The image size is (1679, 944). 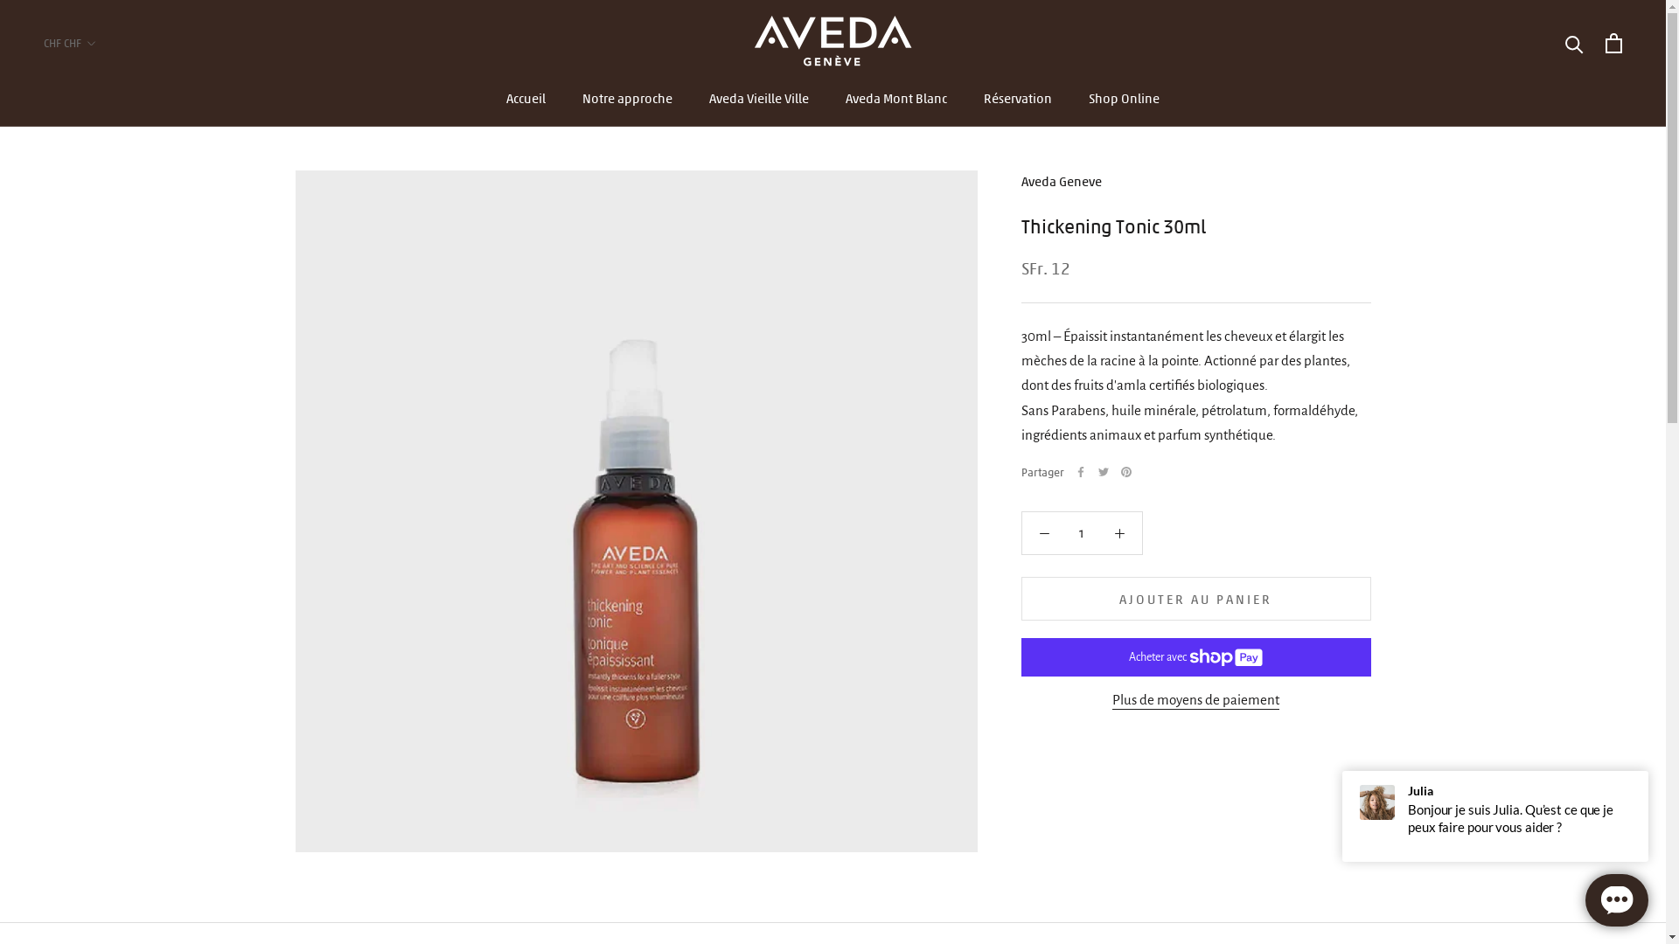 I want to click on 'Aveda Mont Blanc, so click(x=896, y=97).